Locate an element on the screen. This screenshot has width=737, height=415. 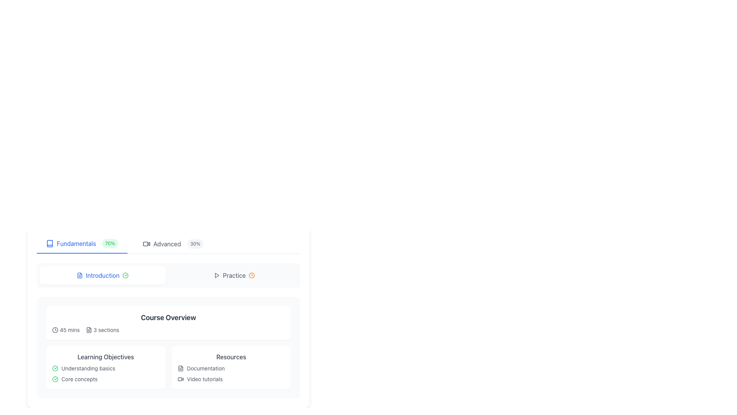
the 'Advanced' button, which features a video camera icon, medium-sized text, and a '30%' percentage value in a rounded rectangle is located at coordinates (172, 244).